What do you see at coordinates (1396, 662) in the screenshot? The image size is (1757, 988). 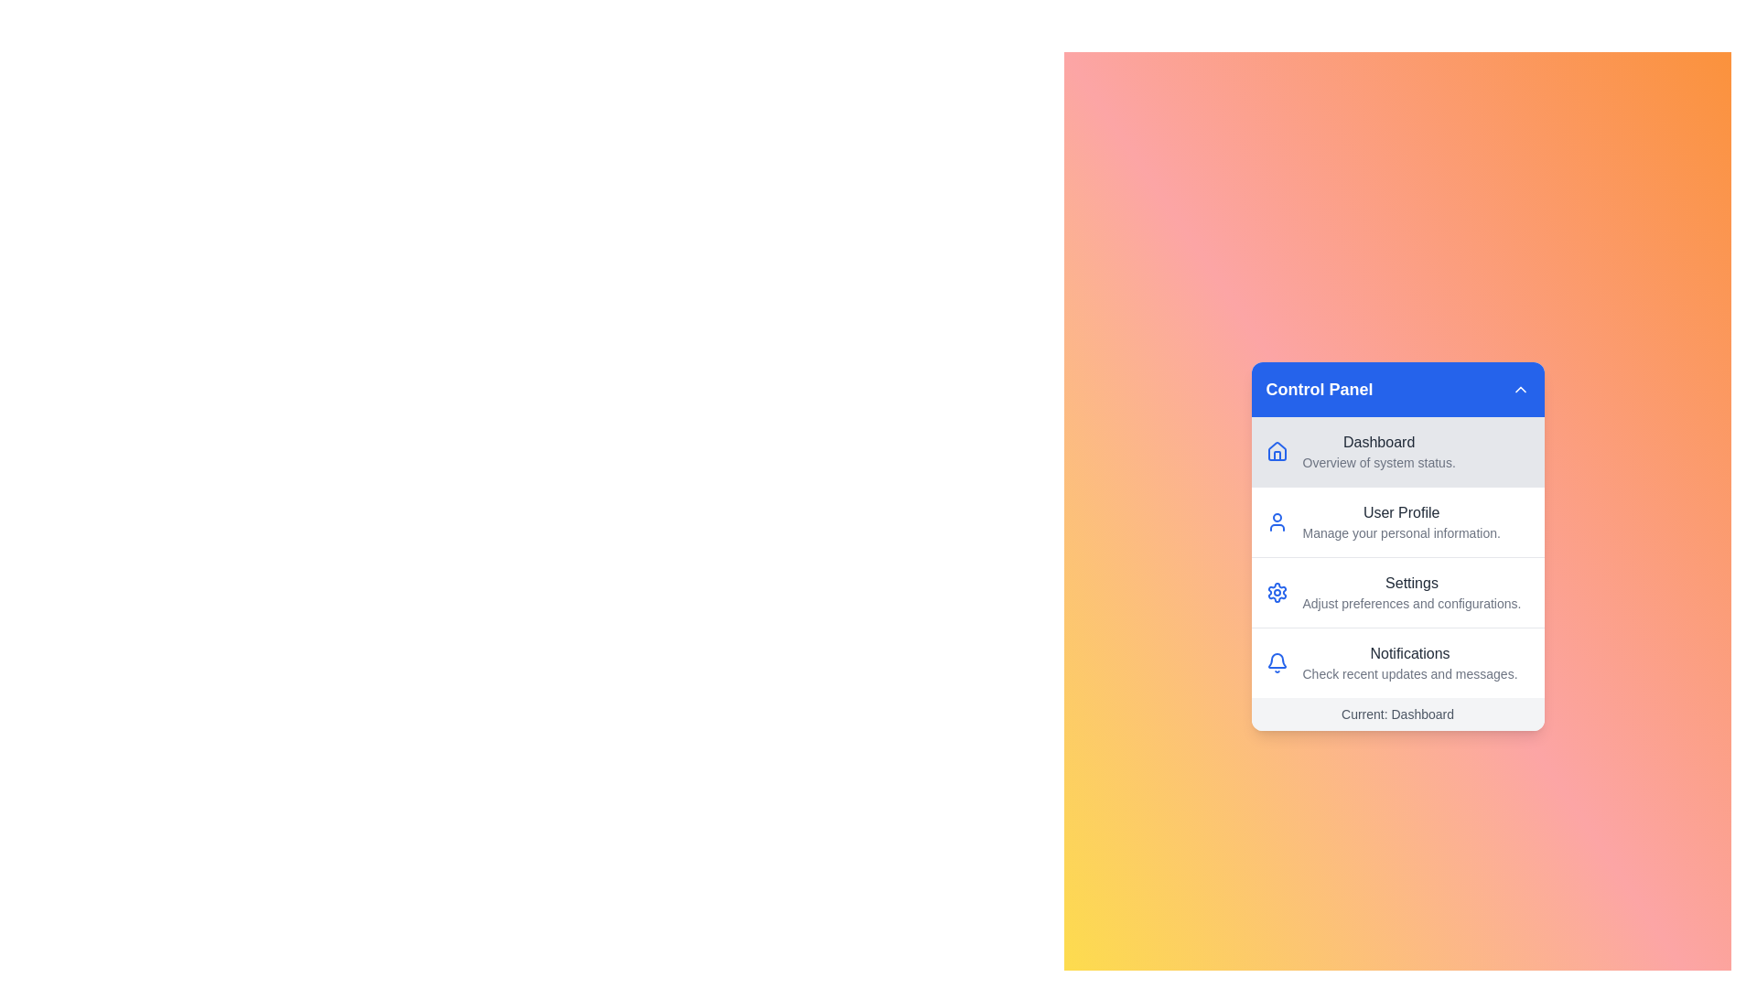 I see `the menu item Notifications to make it active` at bounding box center [1396, 662].